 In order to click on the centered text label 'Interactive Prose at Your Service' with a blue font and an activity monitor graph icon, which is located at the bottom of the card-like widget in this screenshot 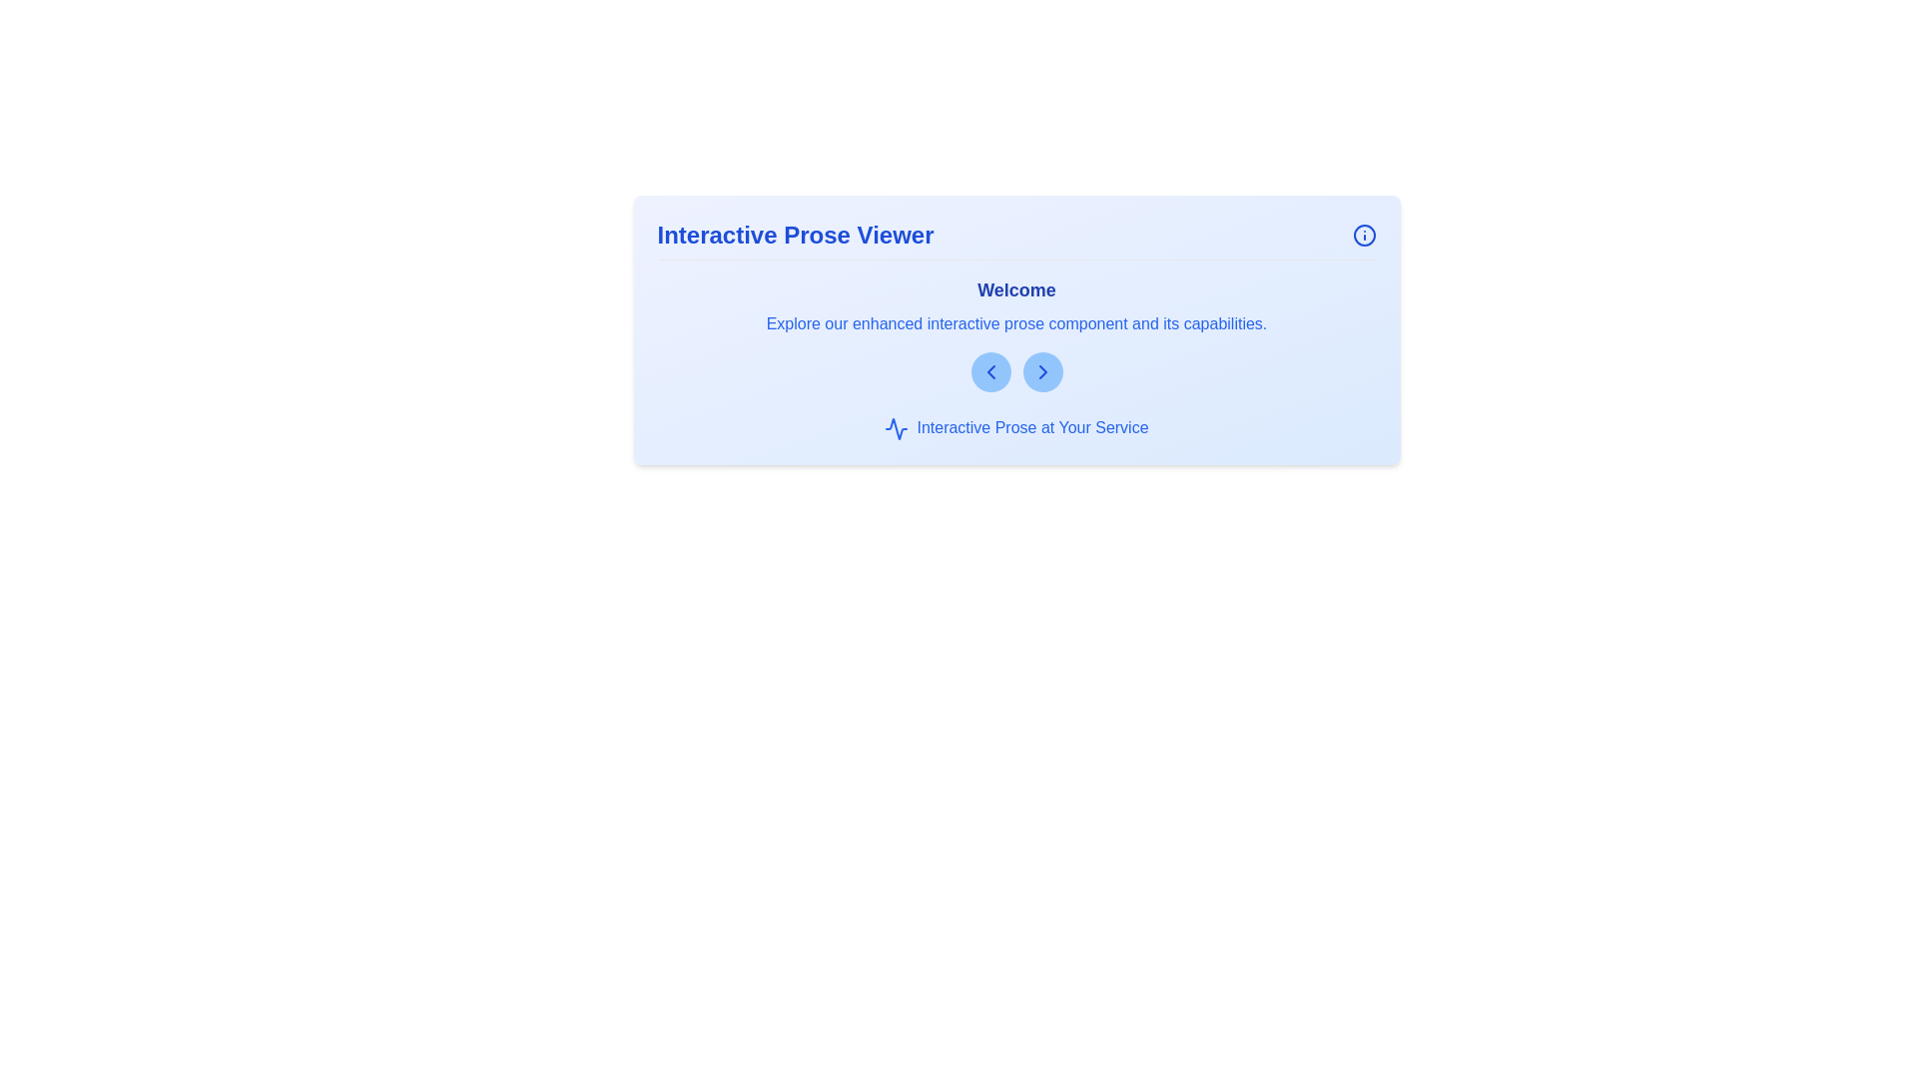, I will do `click(1016, 427)`.